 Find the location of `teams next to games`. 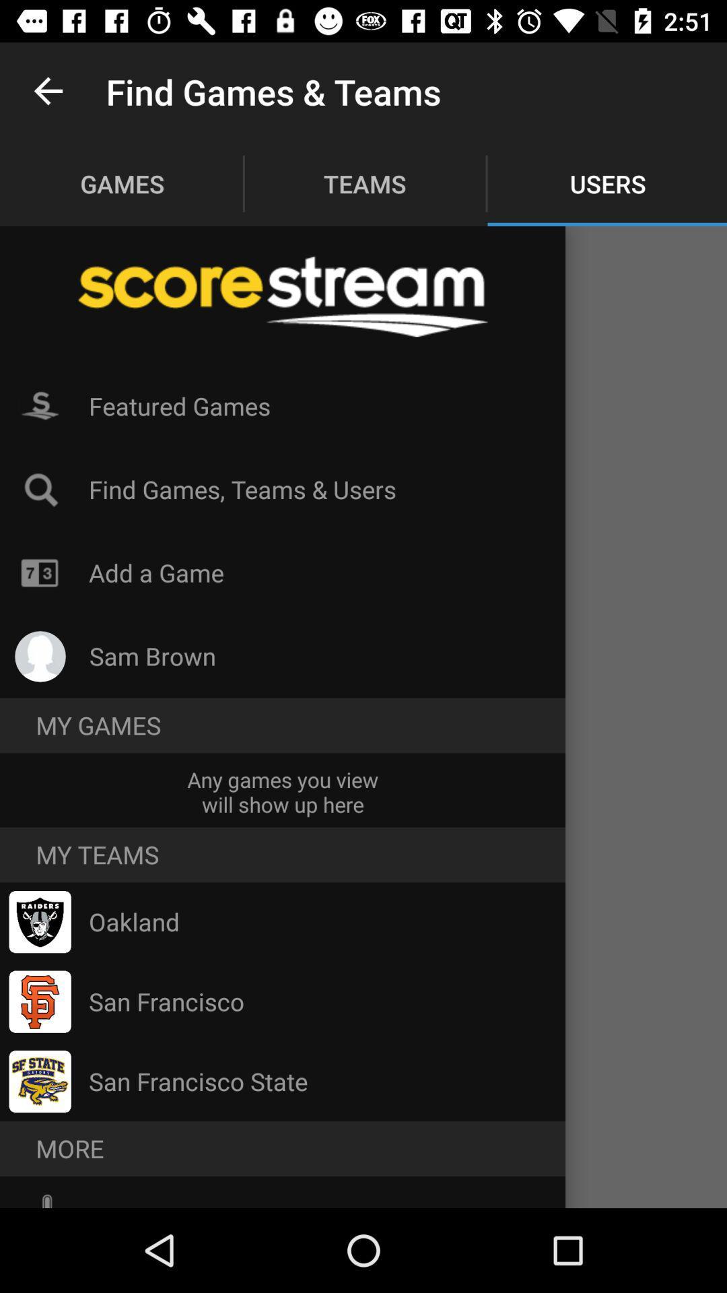

teams next to games is located at coordinates (366, 183).